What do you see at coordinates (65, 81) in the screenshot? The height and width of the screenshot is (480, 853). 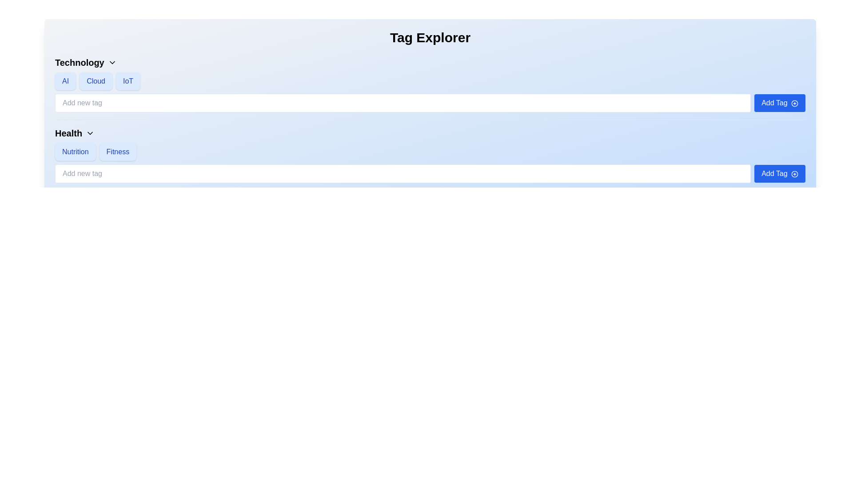 I see `the rectangular button labeled 'AI' with a light blue background and darker blue text` at bounding box center [65, 81].